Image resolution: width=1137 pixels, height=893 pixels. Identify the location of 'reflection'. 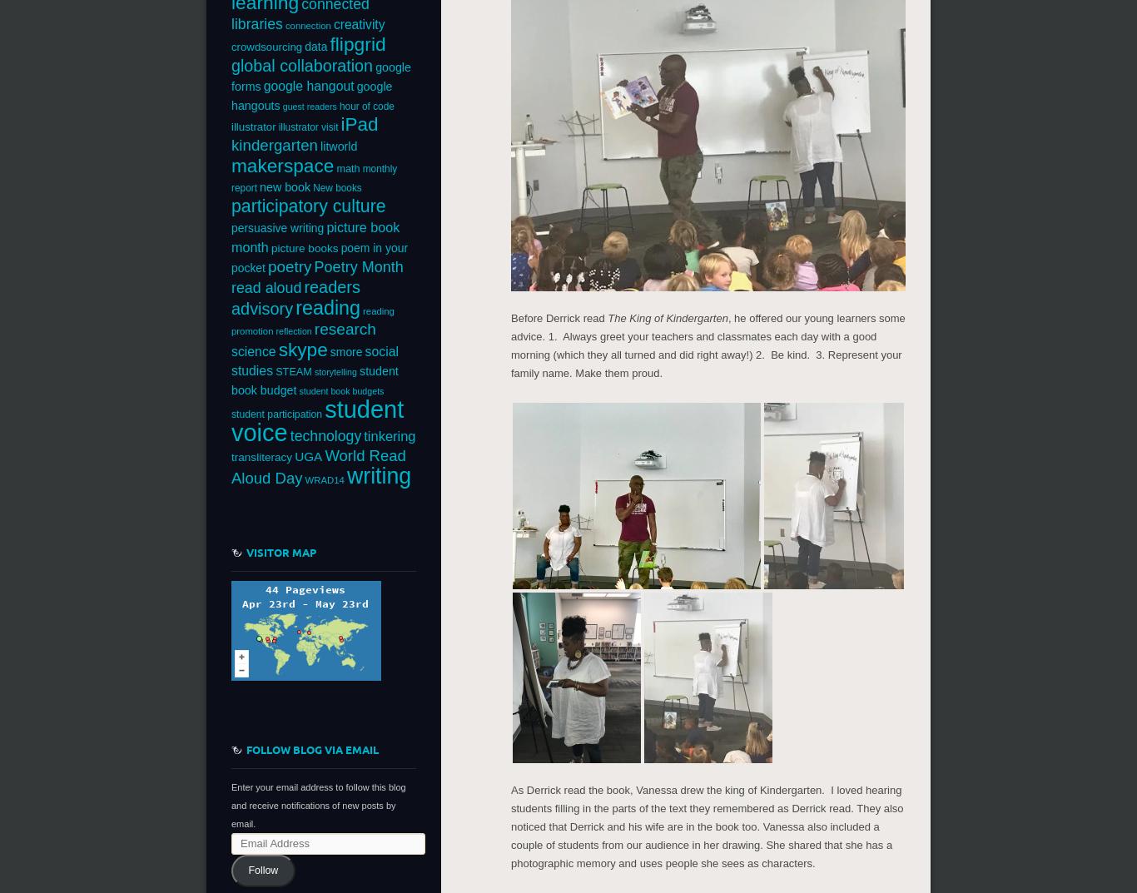
(292, 330).